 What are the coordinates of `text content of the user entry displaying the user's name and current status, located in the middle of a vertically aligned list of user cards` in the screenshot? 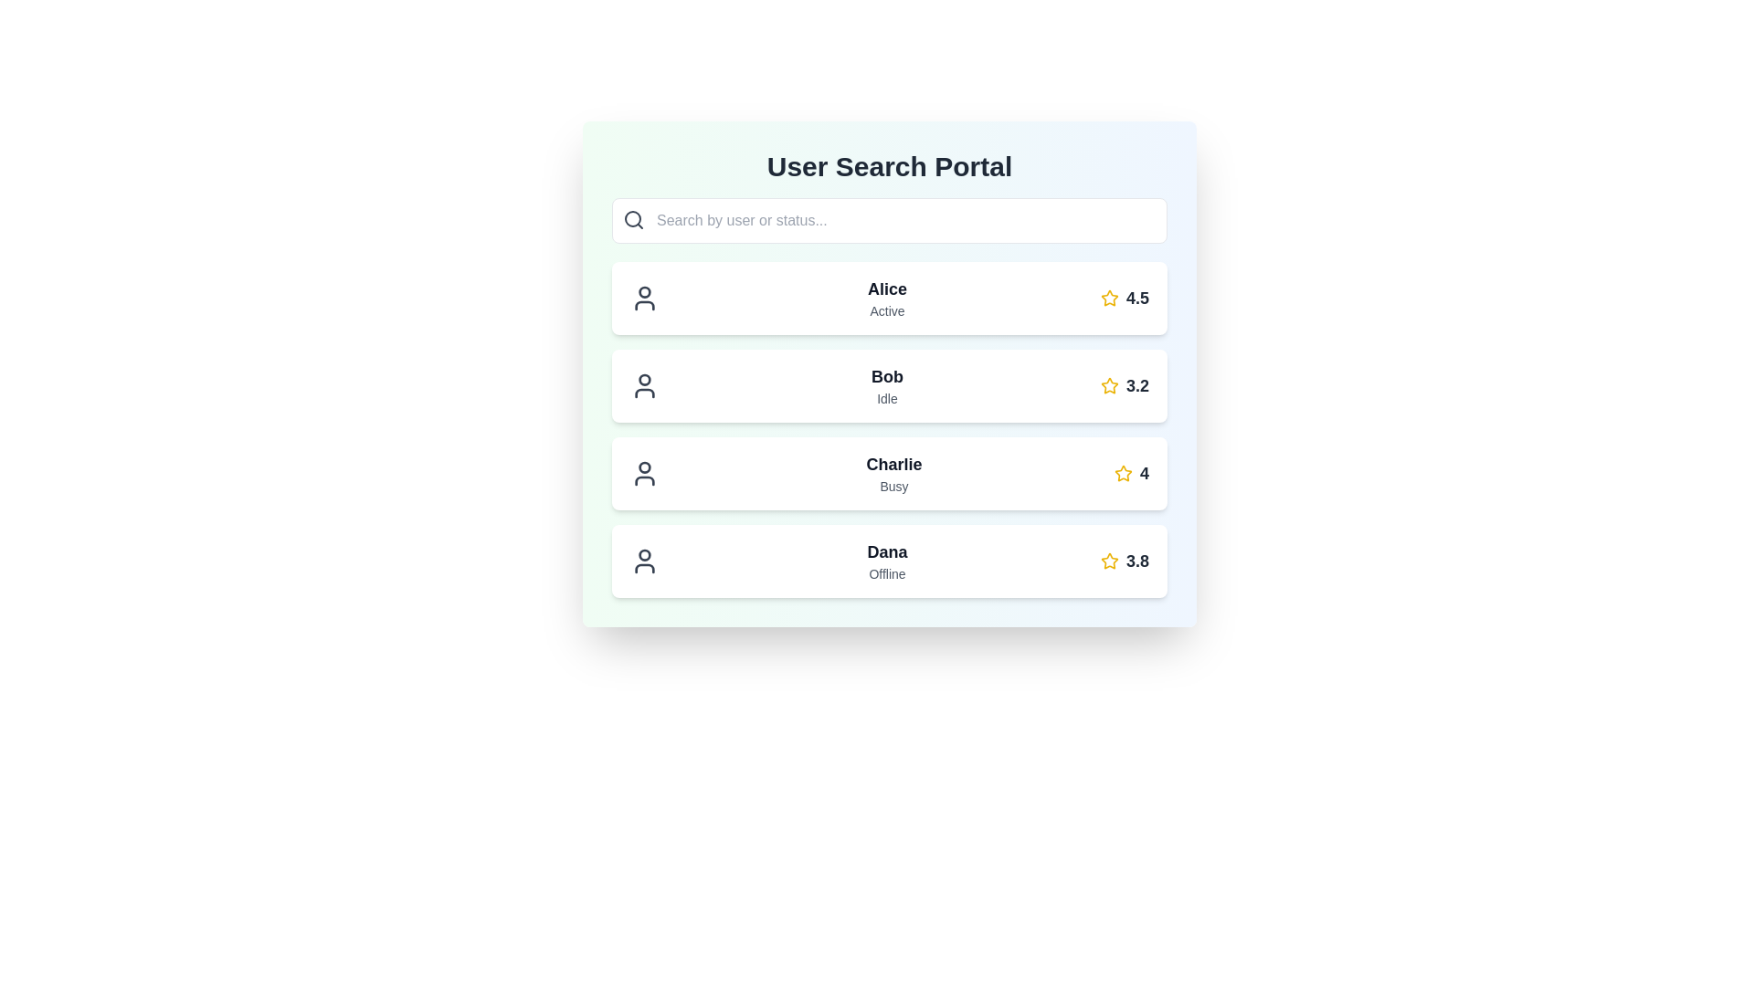 It's located at (887, 385).